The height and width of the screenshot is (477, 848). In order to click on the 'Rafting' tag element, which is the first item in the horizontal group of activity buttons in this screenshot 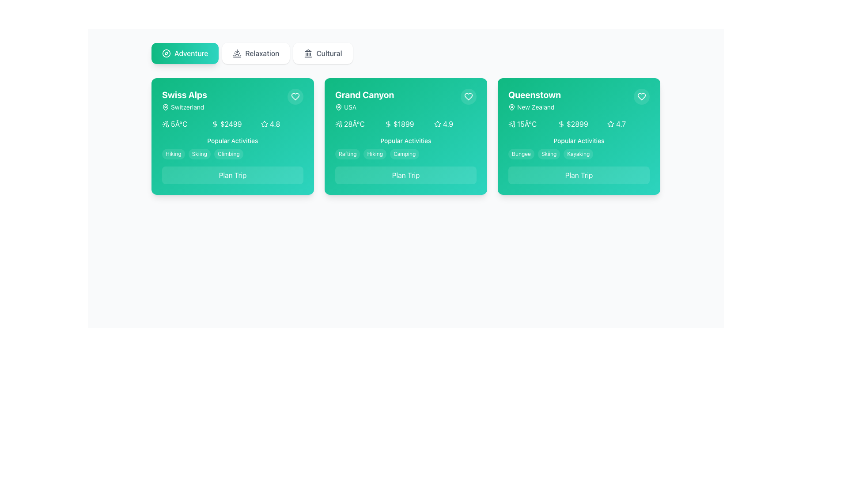, I will do `click(347, 153)`.